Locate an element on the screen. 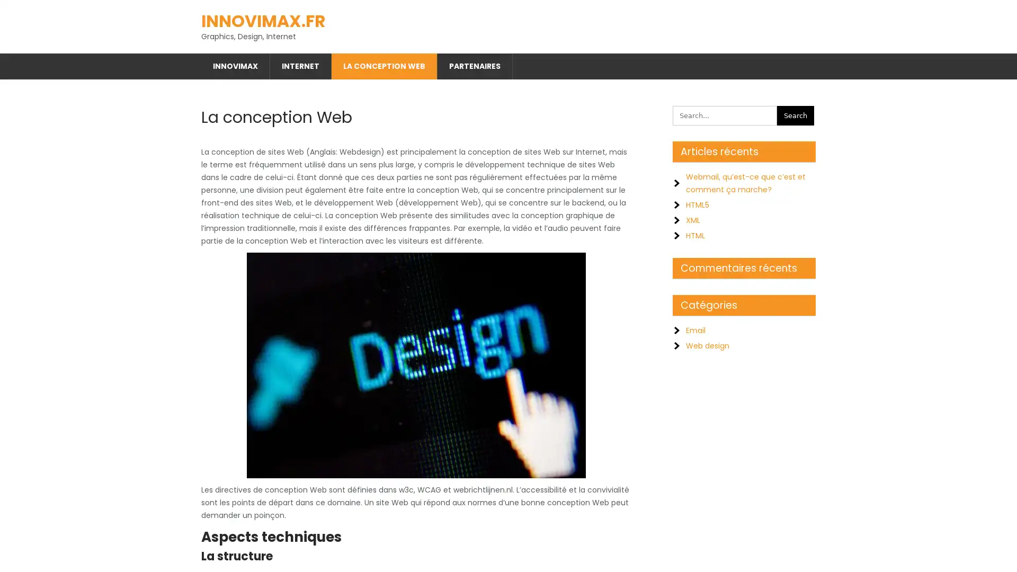 This screenshot has height=572, width=1017. Search is located at coordinates (796, 112).